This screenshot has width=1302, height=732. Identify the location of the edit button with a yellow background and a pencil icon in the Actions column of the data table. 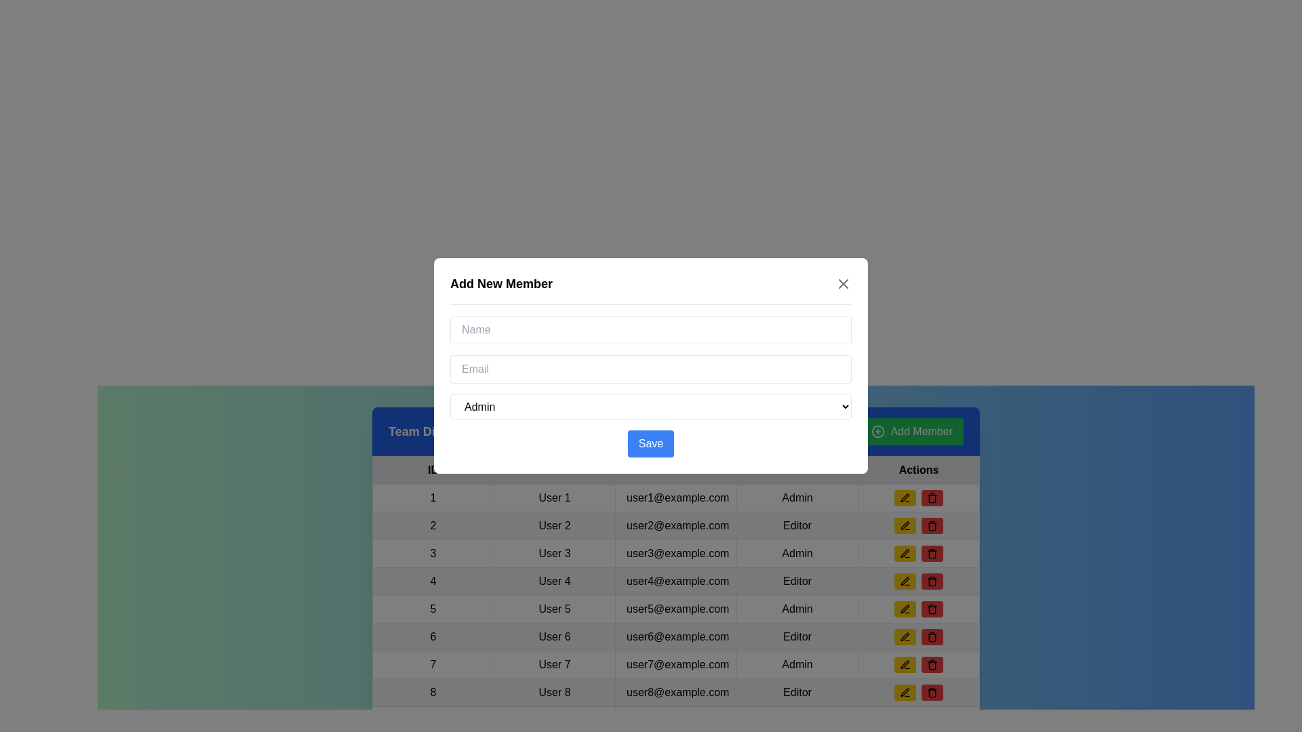
(918, 554).